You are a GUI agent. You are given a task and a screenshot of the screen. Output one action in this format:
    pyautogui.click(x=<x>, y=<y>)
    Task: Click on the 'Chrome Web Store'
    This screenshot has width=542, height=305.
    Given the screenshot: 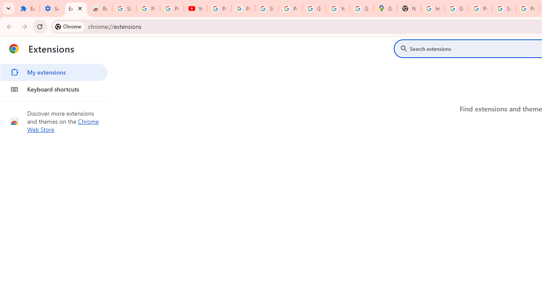 What is the action you would take?
    pyautogui.click(x=63, y=125)
    